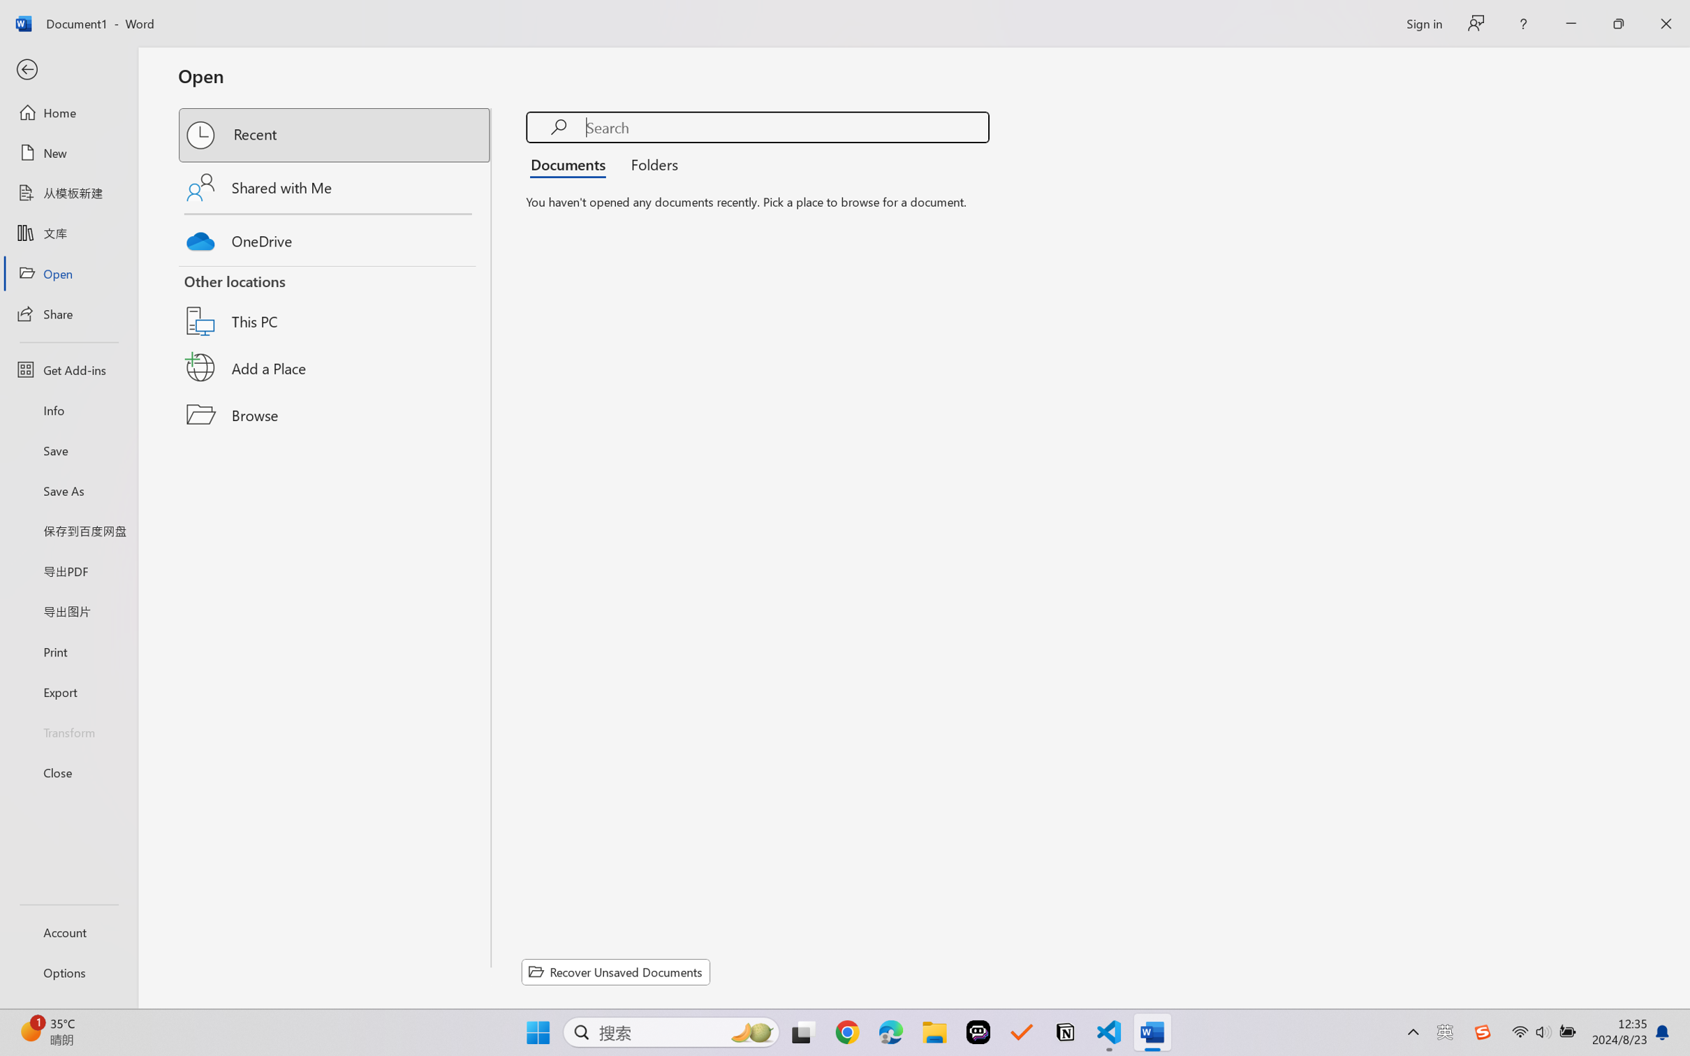 This screenshot has height=1056, width=1690. I want to click on 'Export', so click(68, 691).